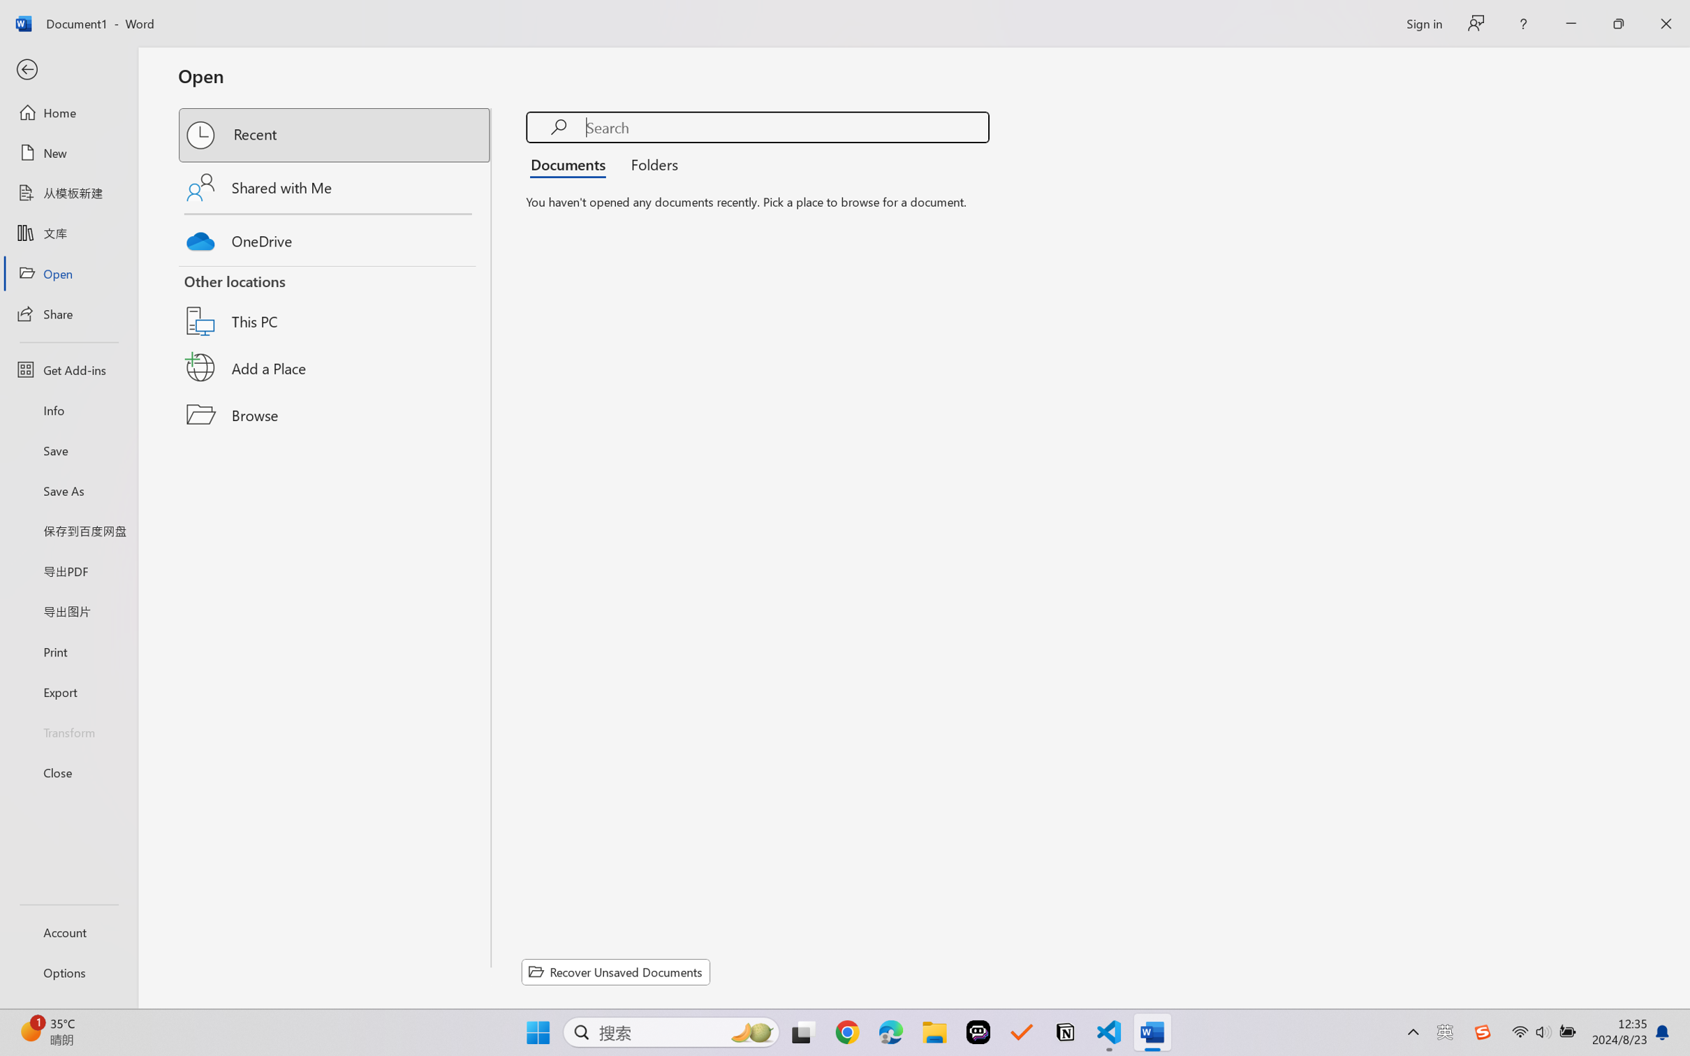 This screenshot has height=1056, width=1690. I want to click on 'Export', so click(68, 691).